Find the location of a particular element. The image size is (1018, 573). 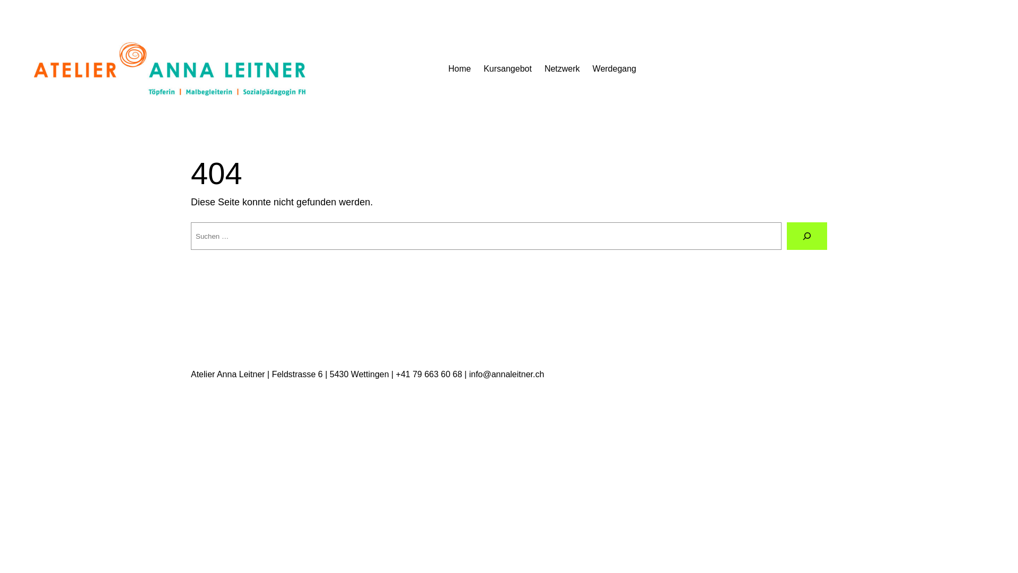

'Home' is located at coordinates (459, 69).